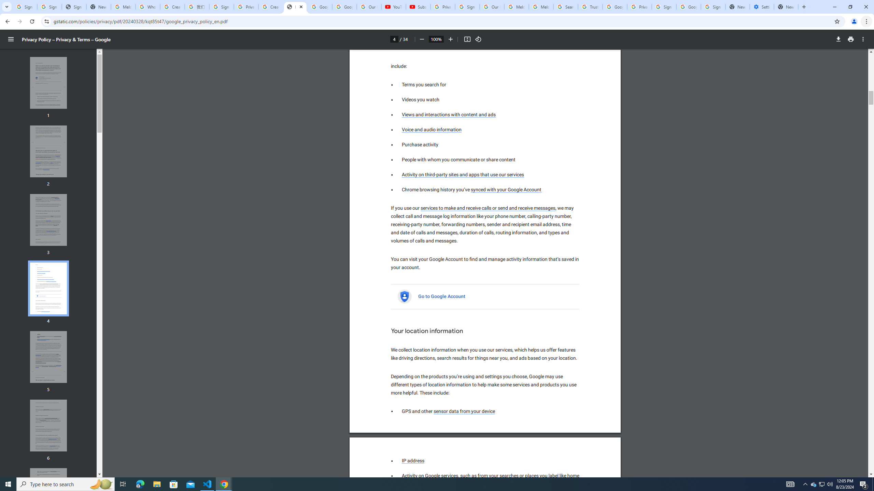  Describe the element at coordinates (6, 21) in the screenshot. I see `'Back'` at that location.